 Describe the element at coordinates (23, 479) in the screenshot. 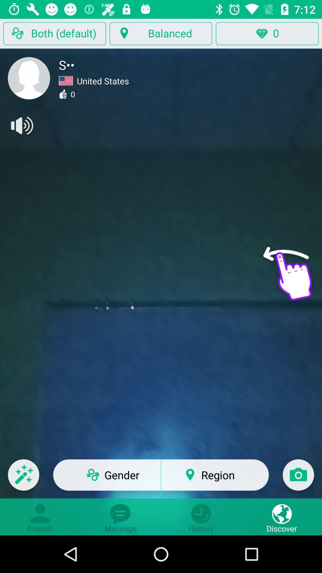

I see `the option which is left side to the gender` at that location.